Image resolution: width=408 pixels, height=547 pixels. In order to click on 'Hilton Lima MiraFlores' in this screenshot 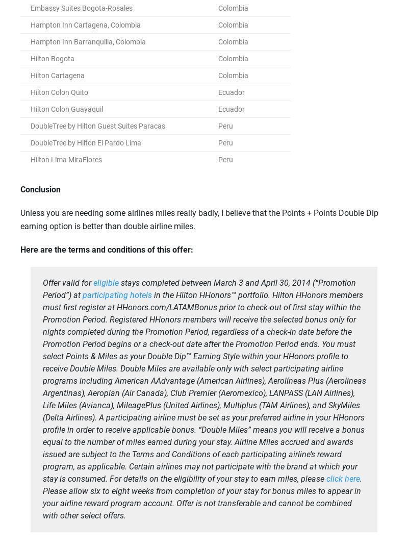, I will do `click(66, 159)`.